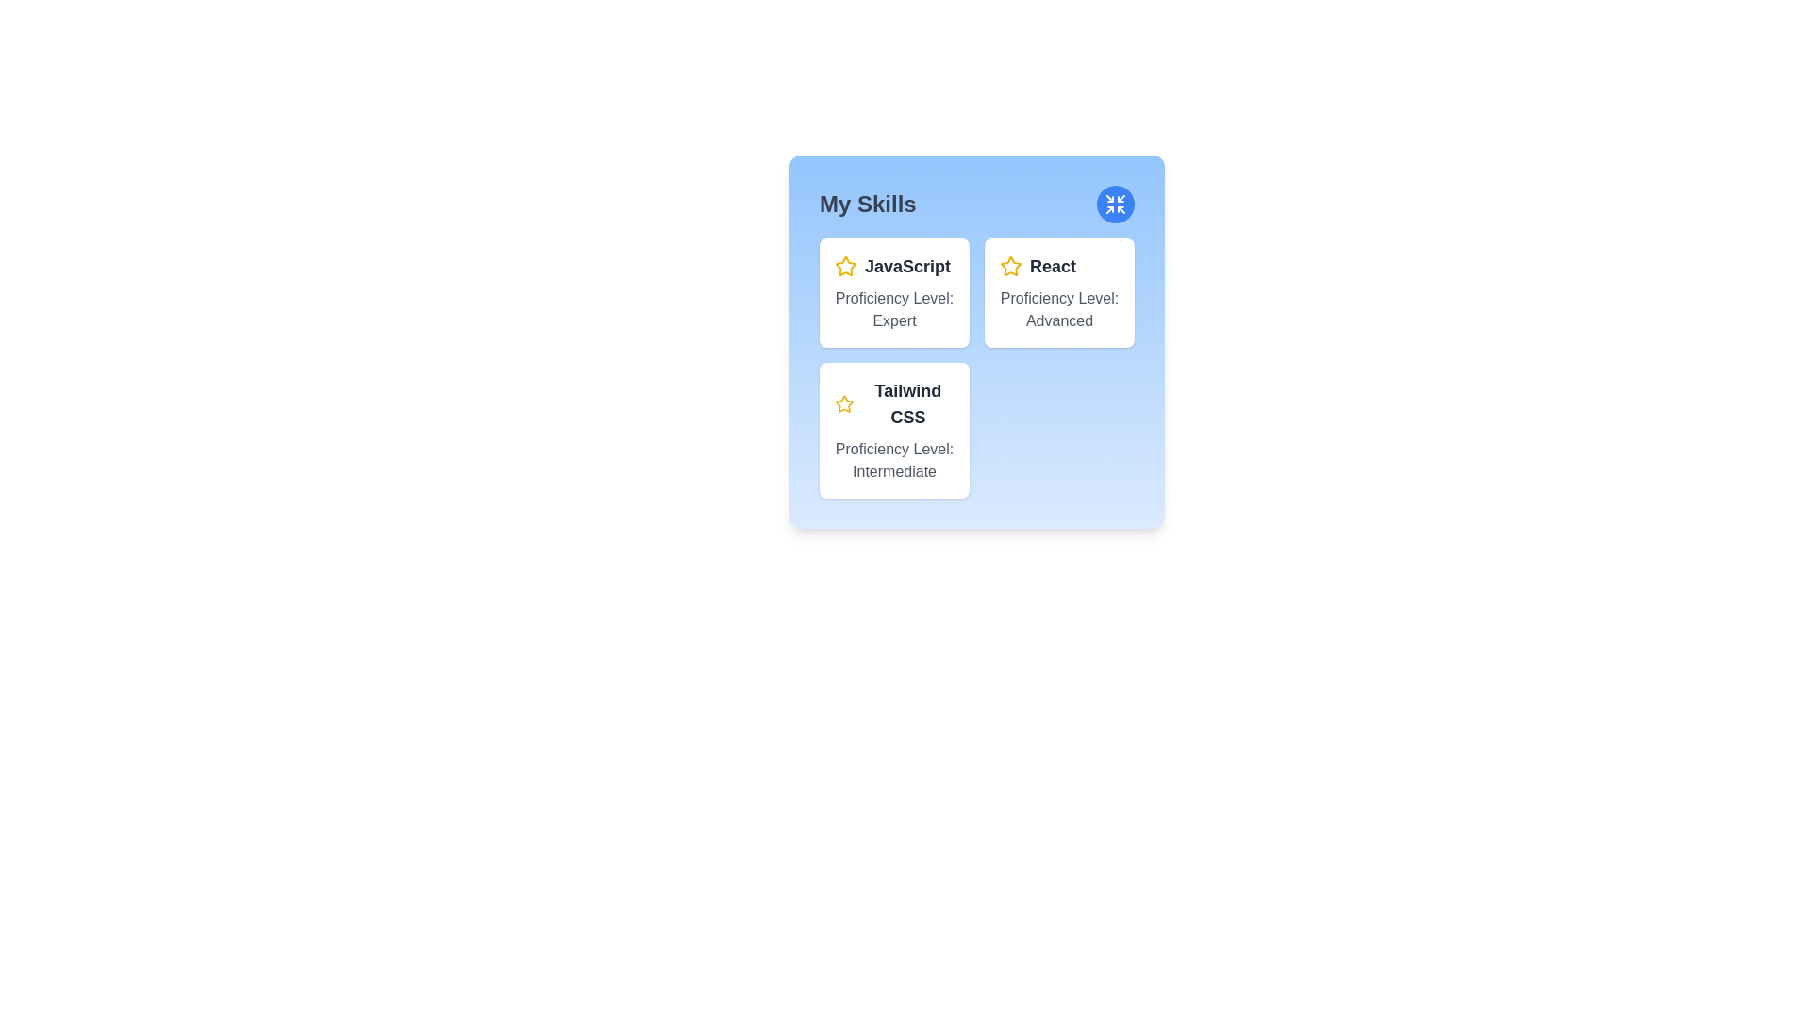  Describe the element at coordinates (1059, 266) in the screenshot. I see `the skill label indicating 'React' located in the top-right corner of the skills section, specifically the second item in the top row of the skills list` at that location.